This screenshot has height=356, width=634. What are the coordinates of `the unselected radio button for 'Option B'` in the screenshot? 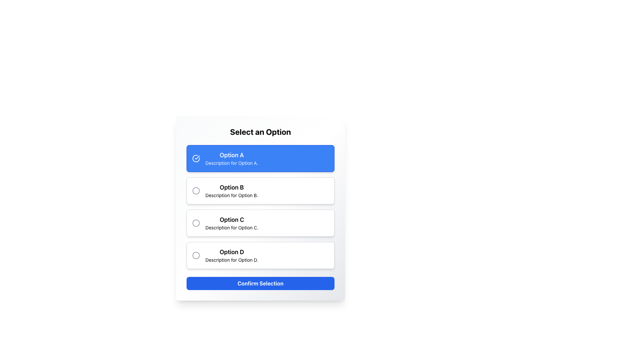 It's located at (196, 191).